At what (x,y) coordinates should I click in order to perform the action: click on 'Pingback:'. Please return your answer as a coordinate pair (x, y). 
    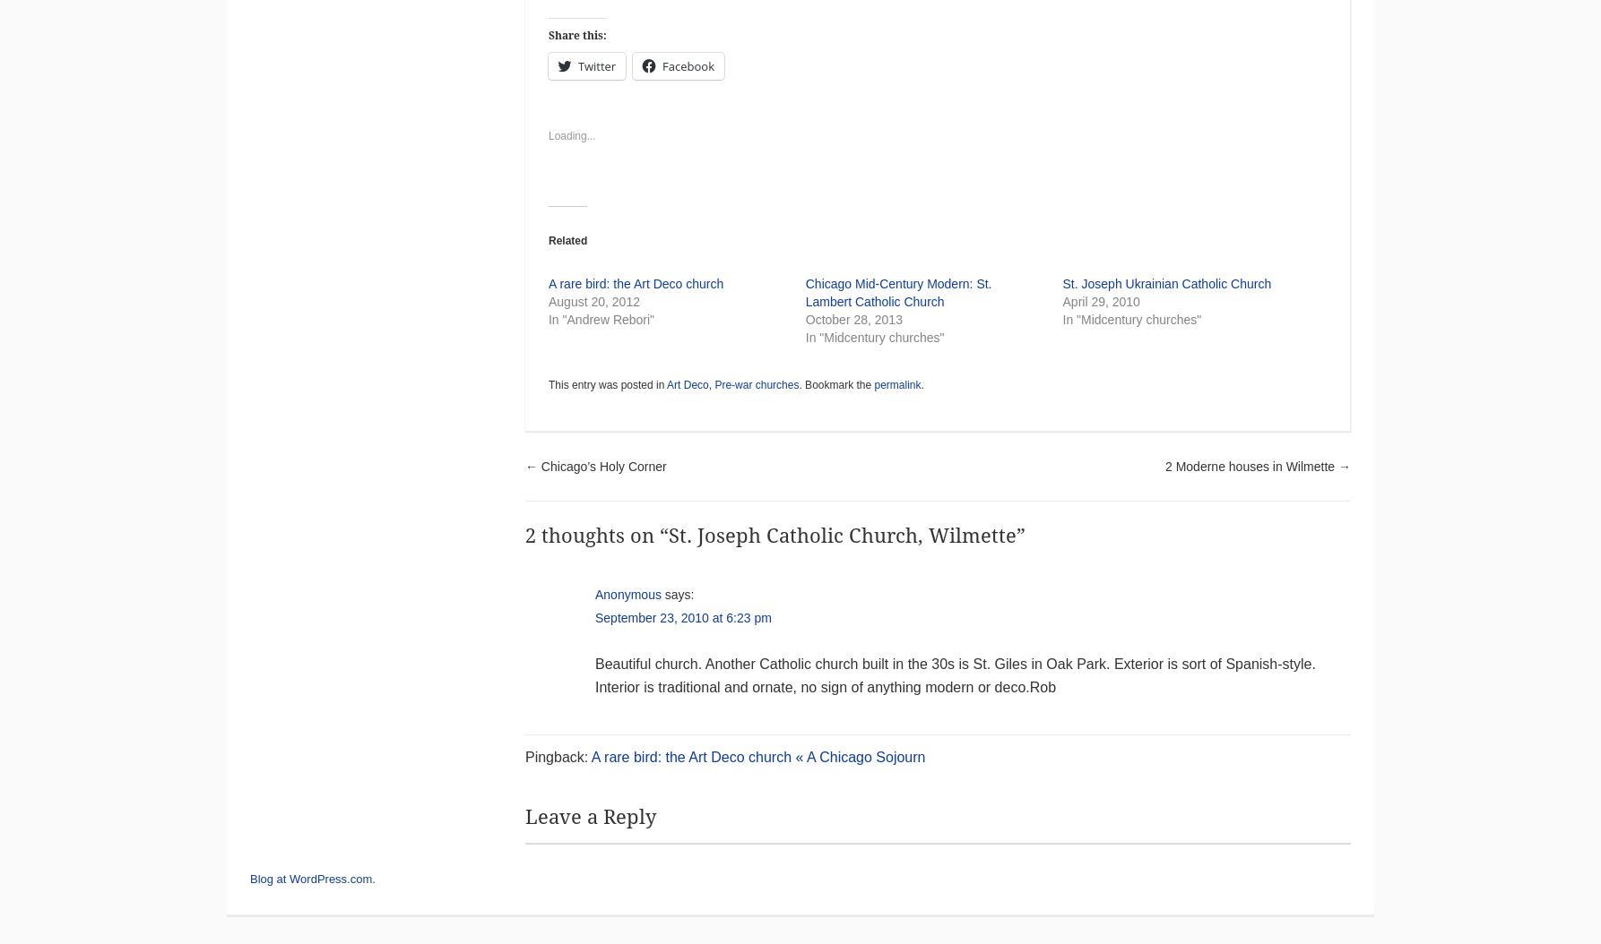
    Looking at the image, I should click on (558, 757).